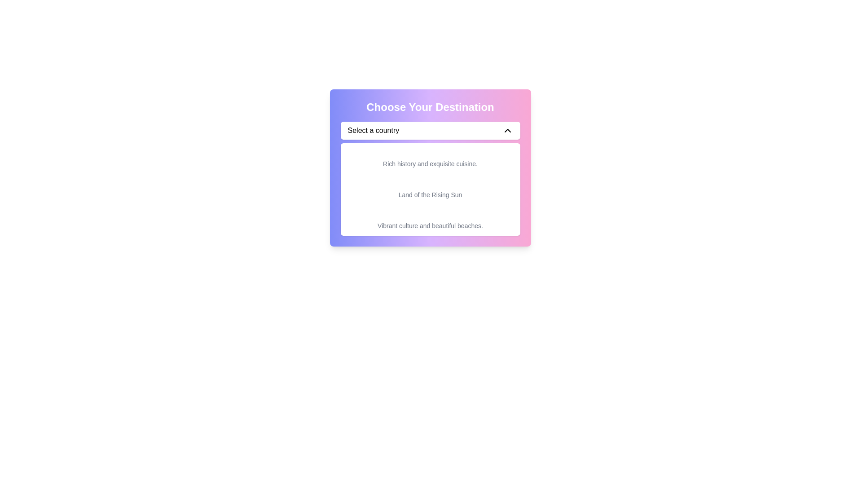 The image size is (862, 485). I want to click on the dropdown menu labeled 'Select a country', so click(430, 130).